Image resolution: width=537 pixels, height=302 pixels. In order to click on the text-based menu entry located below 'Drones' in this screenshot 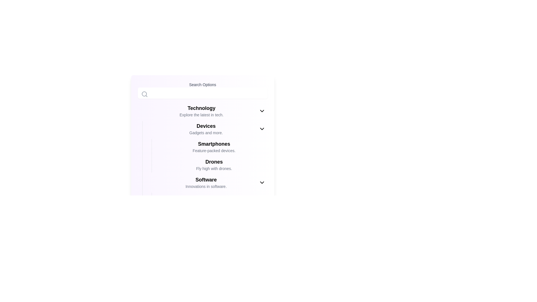, I will do `click(206, 182)`.